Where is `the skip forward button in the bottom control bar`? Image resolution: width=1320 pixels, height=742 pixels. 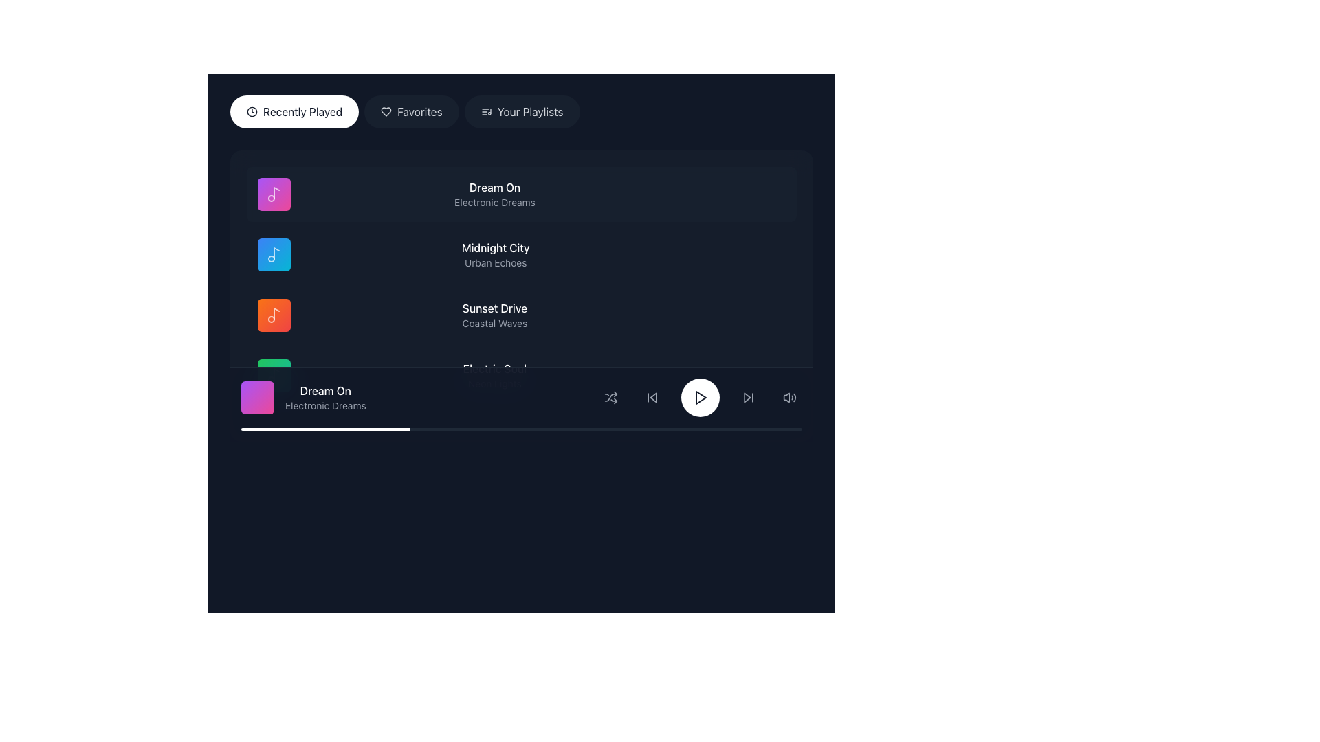 the skip forward button in the bottom control bar is located at coordinates (747, 397).